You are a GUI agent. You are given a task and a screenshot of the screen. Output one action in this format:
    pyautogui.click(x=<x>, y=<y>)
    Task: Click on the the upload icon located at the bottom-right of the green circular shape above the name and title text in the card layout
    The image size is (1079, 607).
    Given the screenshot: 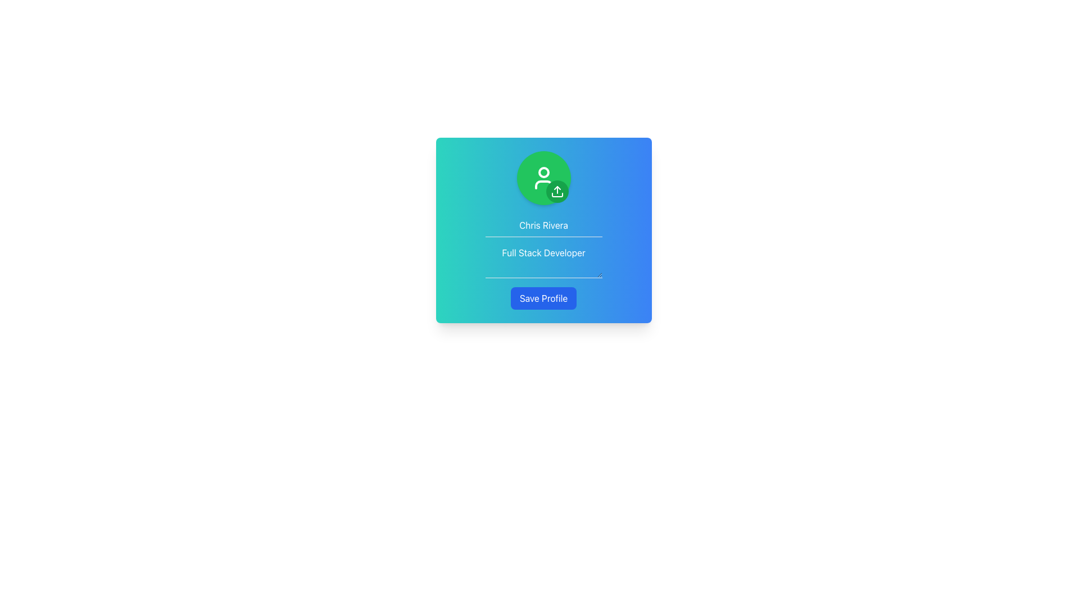 What is the action you would take?
    pyautogui.click(x=557, y=191)
    